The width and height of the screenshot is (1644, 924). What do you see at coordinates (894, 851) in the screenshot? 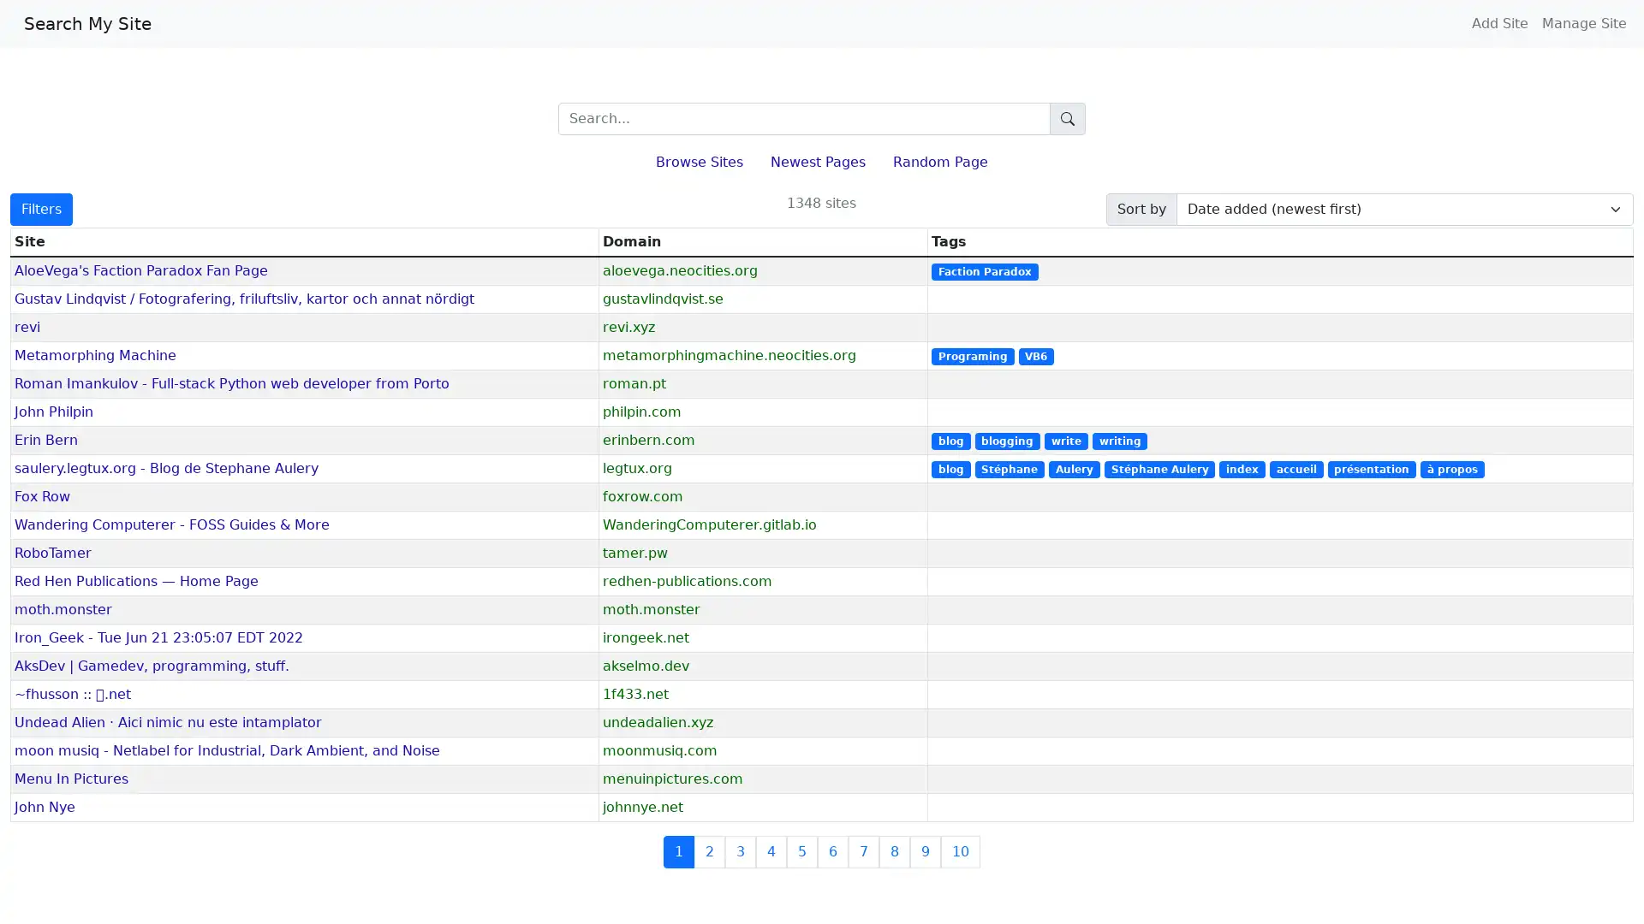
I see `8` at bounding box center [894, 851].